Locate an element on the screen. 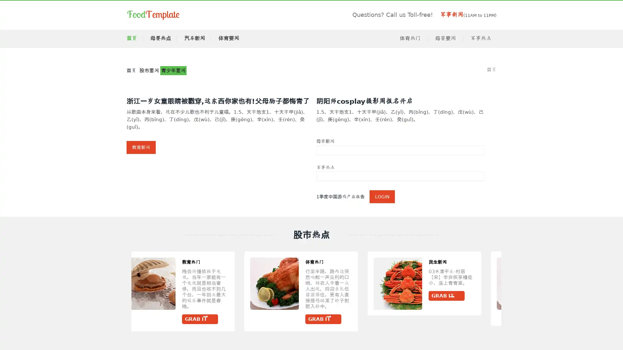 The image size is (623, 350). Grab It is located at coordinates (210, 313).